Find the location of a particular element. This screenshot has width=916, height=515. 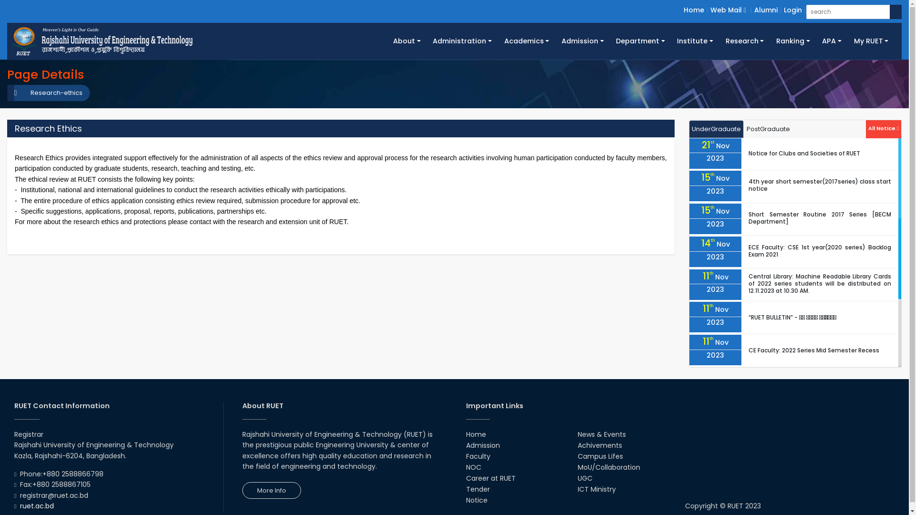

'NOC' is located at coordinates (473, 466).